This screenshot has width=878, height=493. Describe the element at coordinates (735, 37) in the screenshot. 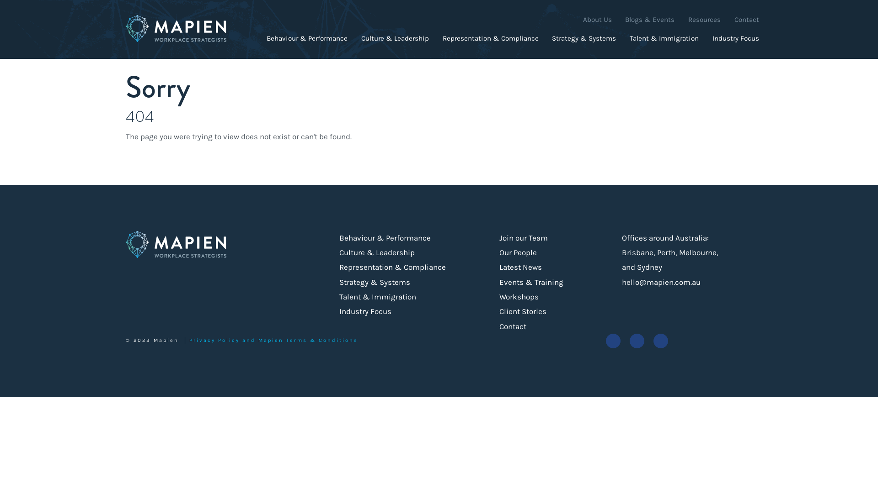

I see `'Industry Focus'` at that location.